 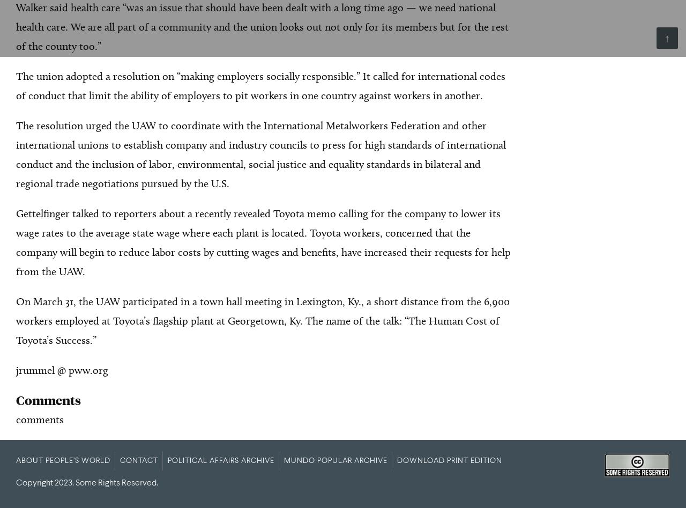 I want to click on 'jrummel @ pww.org', so click(x=61, y=369).